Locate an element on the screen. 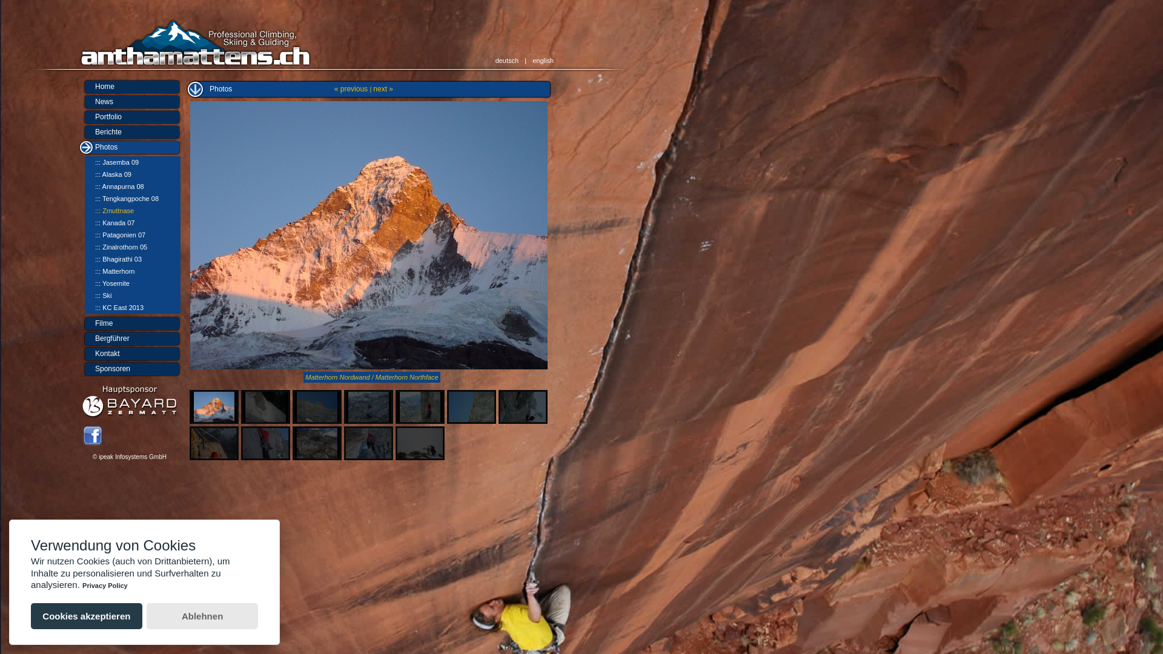 This screenshot has width=1163, height=654. 'Home' is located at coordinates (130, 86).